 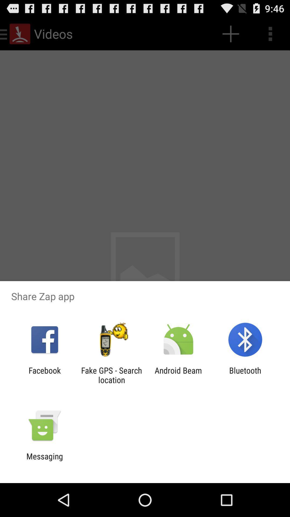 What do you see at coordinates (111, 375) in the screenshot?
I see `app to the left of the android beam` at bounding box center [111, 375].